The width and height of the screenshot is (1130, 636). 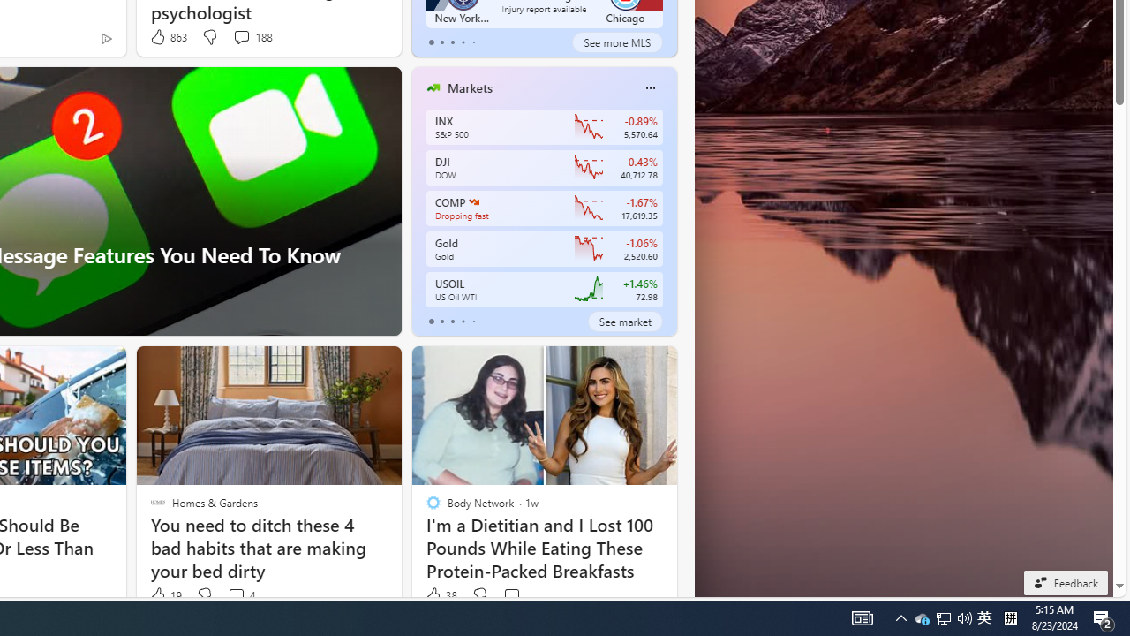 What do you see at coordinates (473, 321) in the screenshot?
I see `'tab-4'` at bounding box center [473, 321].